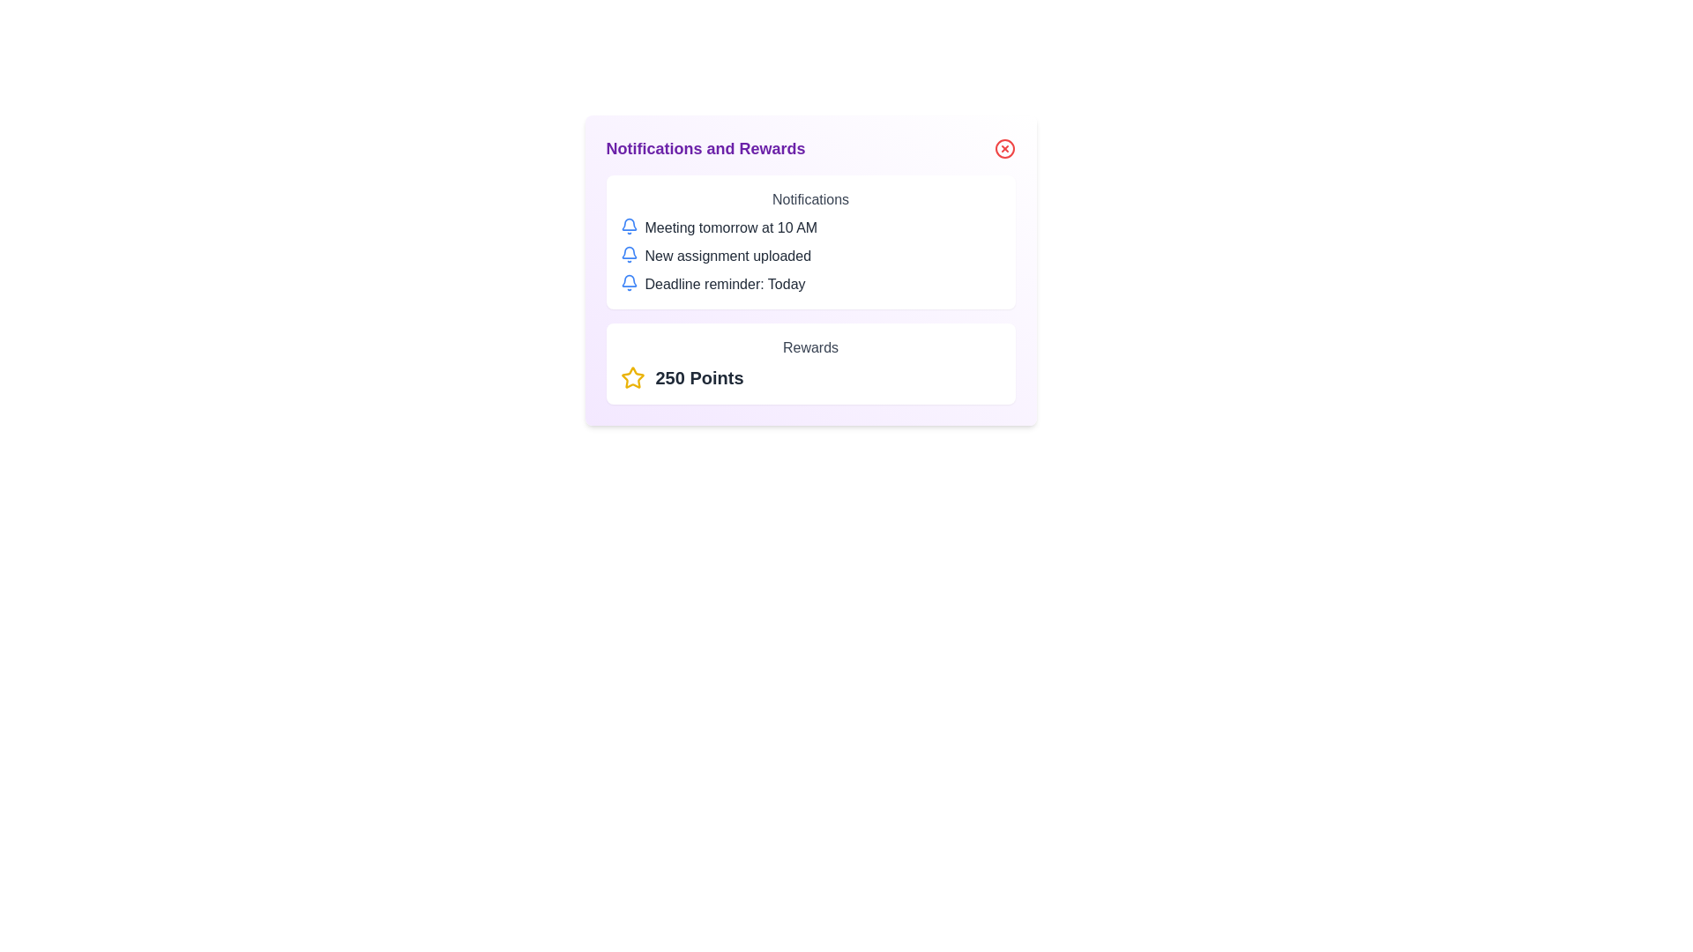  Describe the element at coordinates (629, 281) in the screenshot. I see `the notification bell icon, which serves as a visual indicator for the deadline reminder positioned to the left of the text 'Deadline reminder: Today'` at that location.